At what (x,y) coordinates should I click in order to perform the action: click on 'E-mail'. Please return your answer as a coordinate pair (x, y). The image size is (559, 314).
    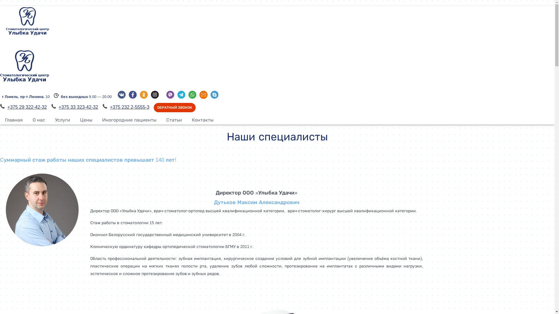
    Looking at the image, I should click on (199, 96).